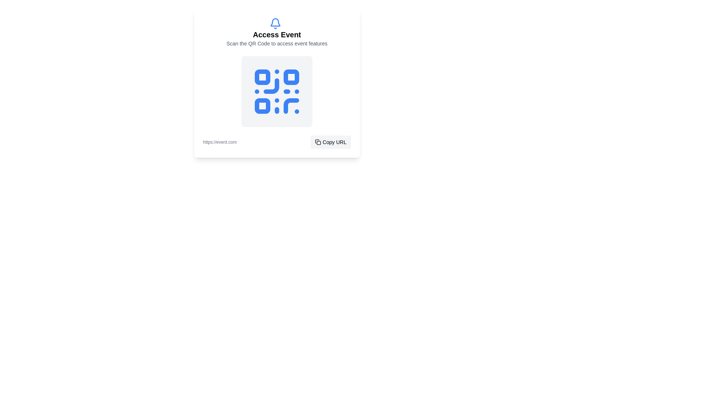 The image size is (710, 399). Describe the element at coordinates (276, 34) in the screenshot. I see `the text label displaying 'Access Event', which is prominently styled in bold and larger font, located centrally below the bell icon and above the descriptive text` at that location.